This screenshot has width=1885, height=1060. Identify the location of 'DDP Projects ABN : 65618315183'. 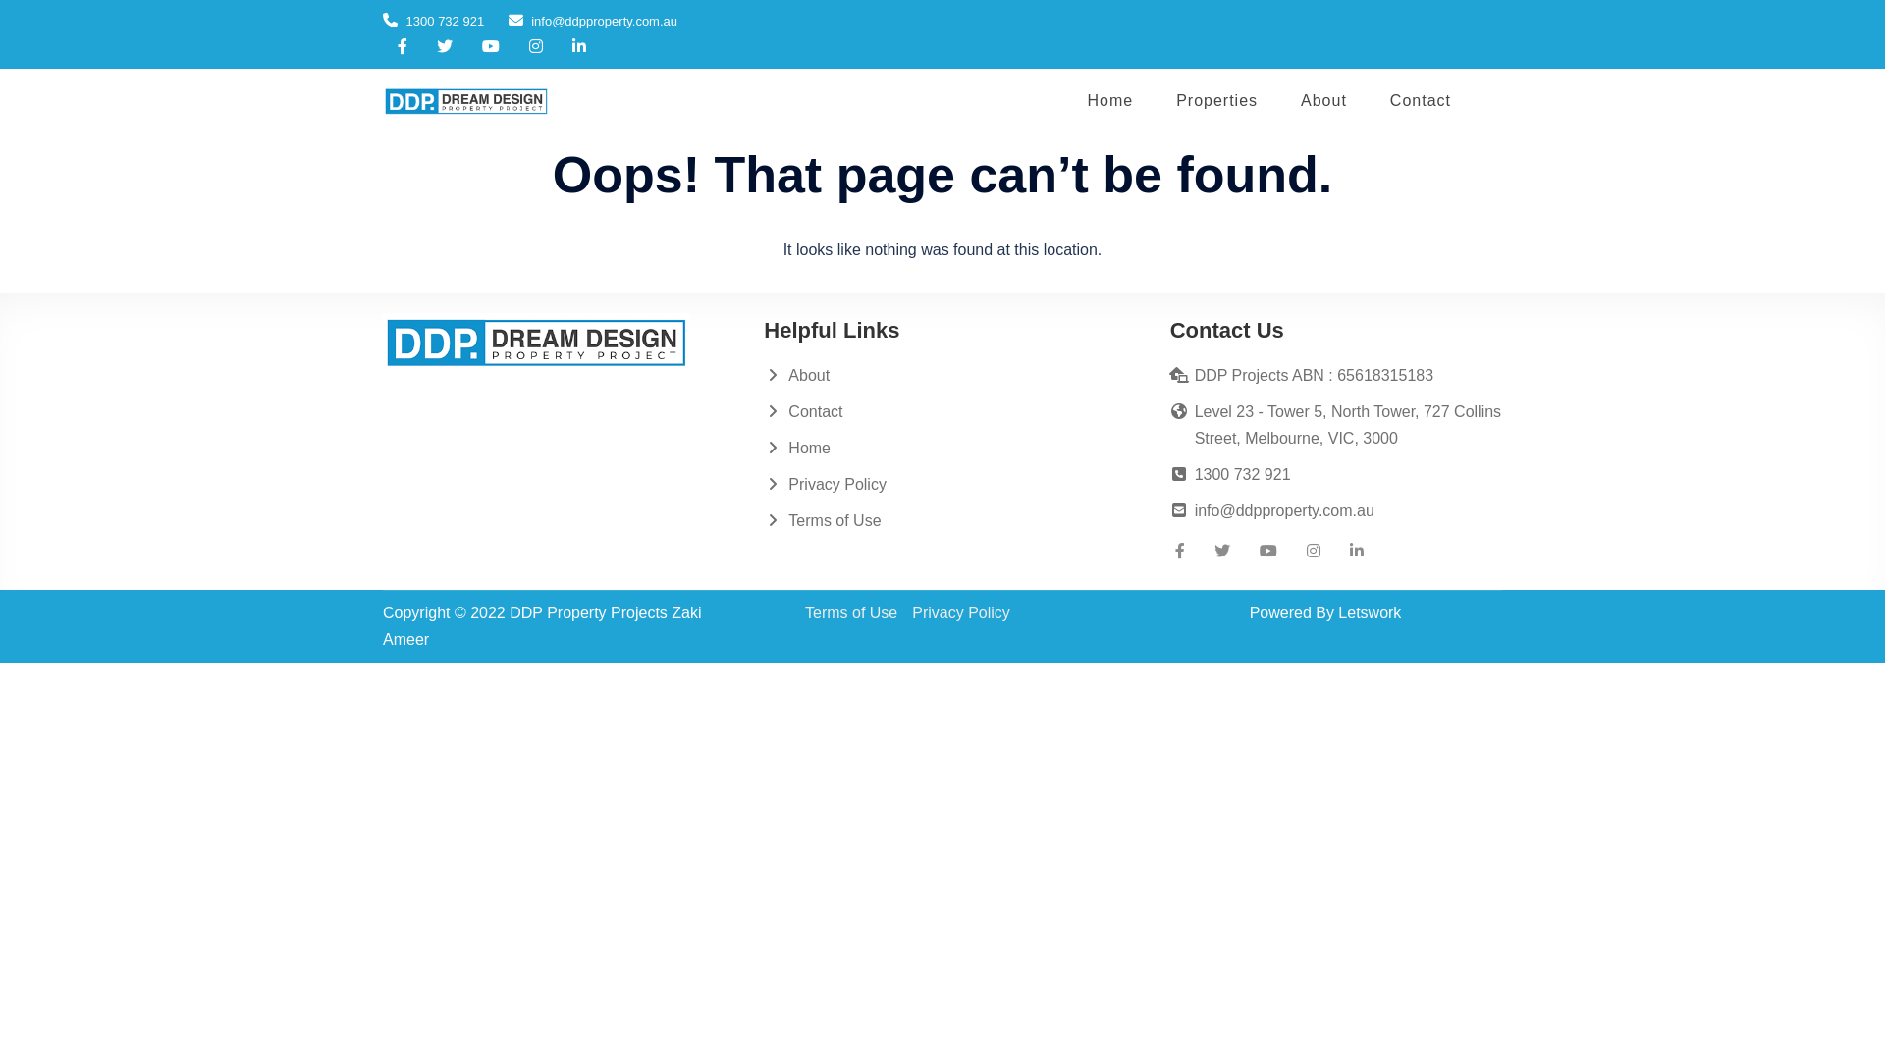
(1314, 375).